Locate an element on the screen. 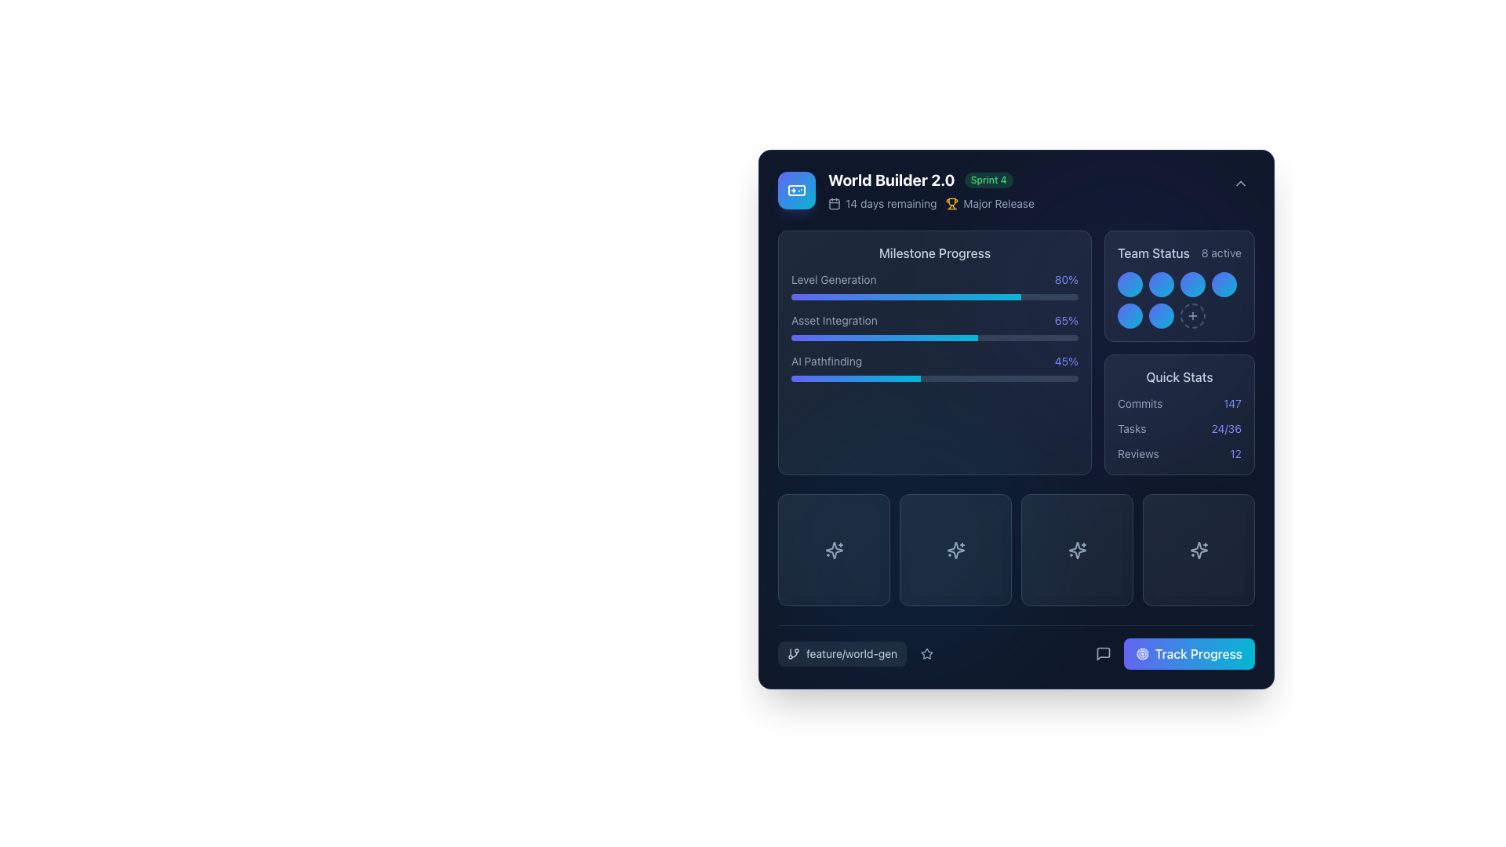 Image resolution: width=1506 pixels, height=847 pixels. the Static Label that reads '8 active,' which is aligned to the right of the 'Team Status' header is located at coordinates (1220, 253).